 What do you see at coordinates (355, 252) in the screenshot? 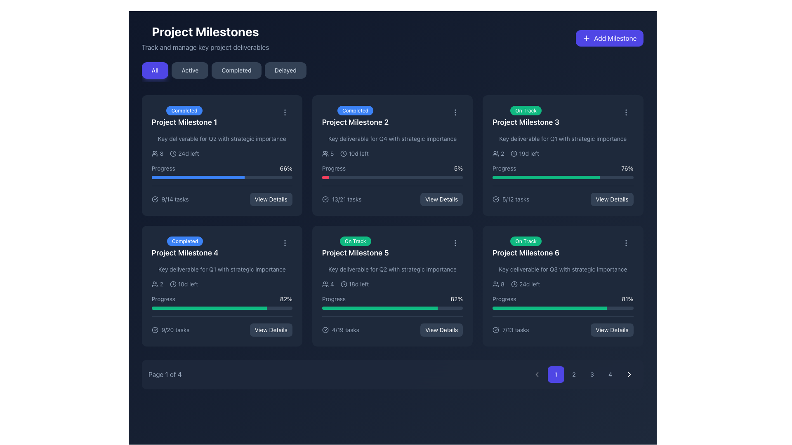
I see `the 'Project Milestone 5' text label, which is styled with a large bold font in white, located inside the green 'On Track' card in the bottom-left corner of the second row in the grid layout` at bounding box center [355, 252].